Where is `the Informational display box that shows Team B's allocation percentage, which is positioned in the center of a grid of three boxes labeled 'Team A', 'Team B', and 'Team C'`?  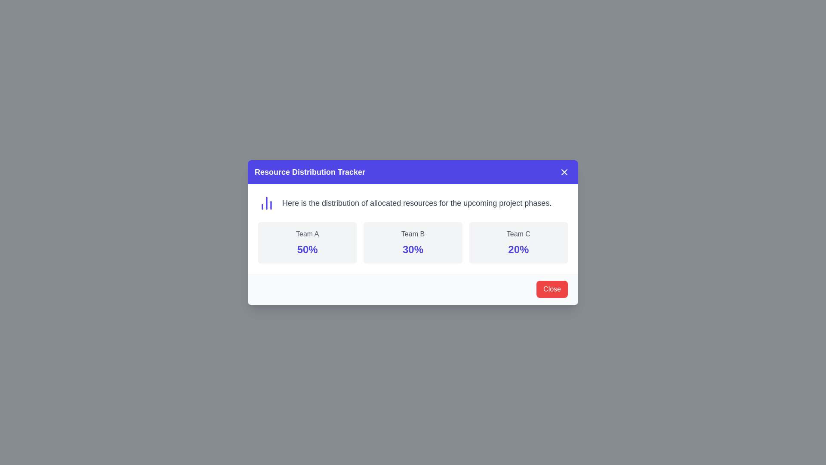
the Informational display box that shows Team B's allocation percentage, which is positioned in the center of a grid of three boxes labeled 'Team A', 'Team B', and 'Team C' is located at coordinates (413, 242).